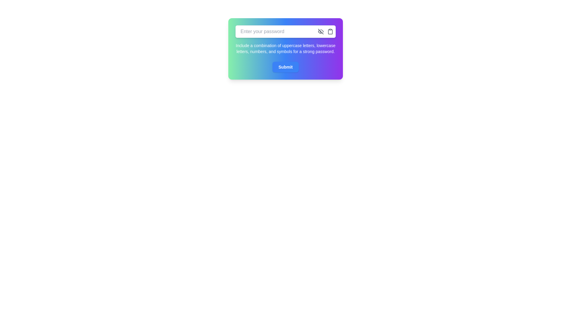 This screenshot has width=573, height=322. Describe the element at coordinates (321, 31) in the screenshot. I see `the icon resembling a crossed-out eye located at the right side of the password input field` at that location.